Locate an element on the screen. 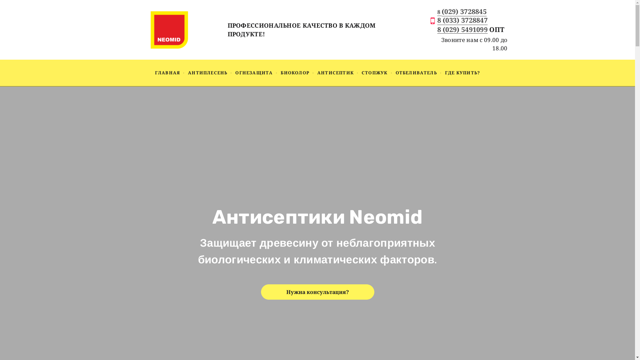  '8' is located at coordinates (440, 12).